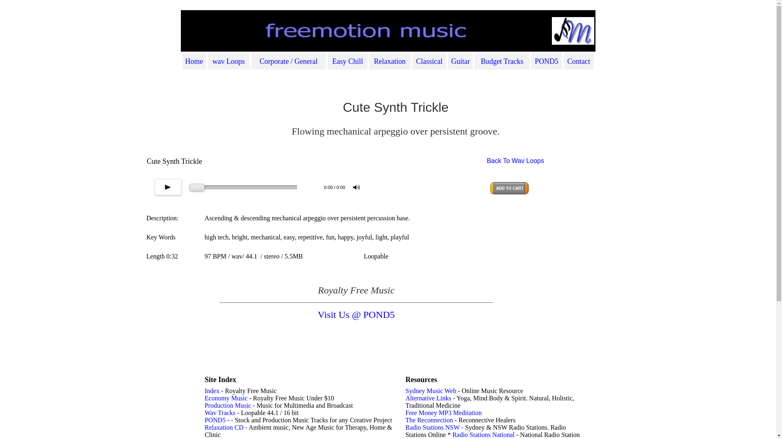  I want to click on 'Back To Wav Loops', so click(487, 161).